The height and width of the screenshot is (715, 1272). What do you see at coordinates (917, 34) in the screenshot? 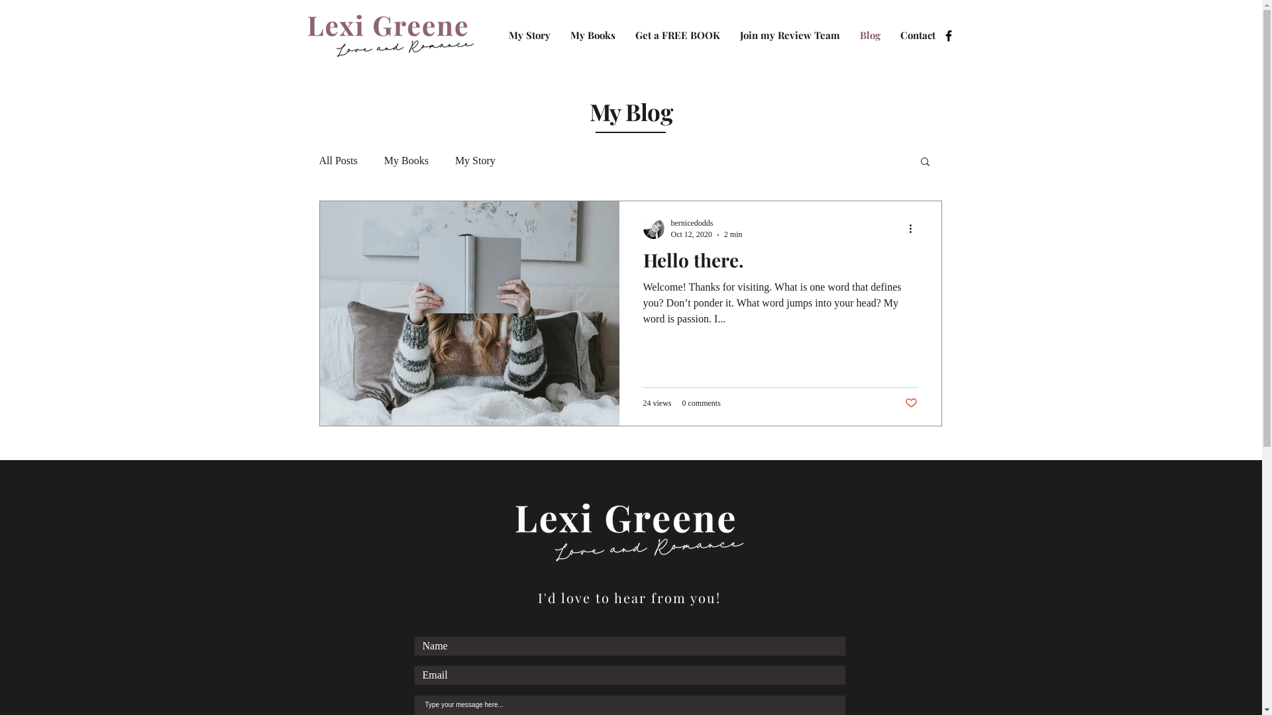
I see `'Contact'` at bounding box center [917, 34].